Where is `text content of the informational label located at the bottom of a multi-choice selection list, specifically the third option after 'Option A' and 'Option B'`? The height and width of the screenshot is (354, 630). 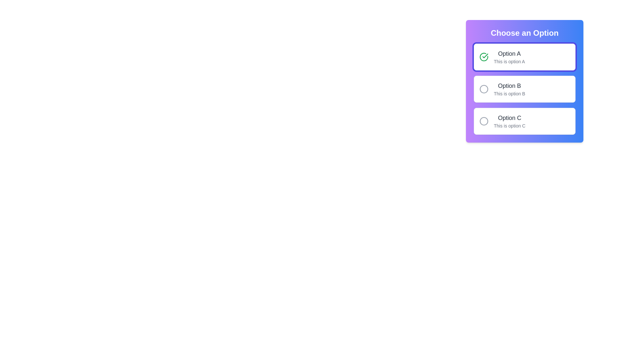
text content of the informational label located at the bottom of a multi-choice selection list, specifically the third option after 'Option A' and 'Option B' is located at coordinates (509, 121).